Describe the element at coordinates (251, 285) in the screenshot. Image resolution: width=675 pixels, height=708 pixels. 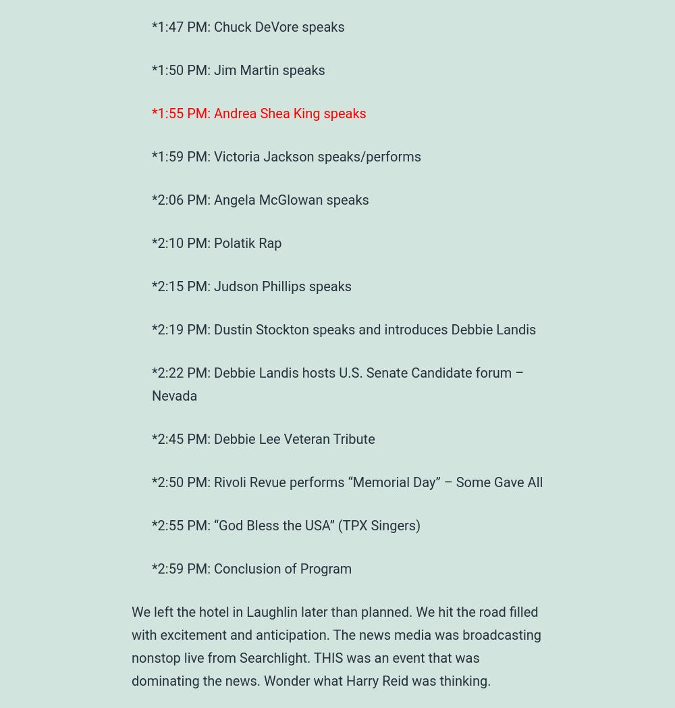
I see `'*2:15 PM: Judson Phillips speaks'` at that location.